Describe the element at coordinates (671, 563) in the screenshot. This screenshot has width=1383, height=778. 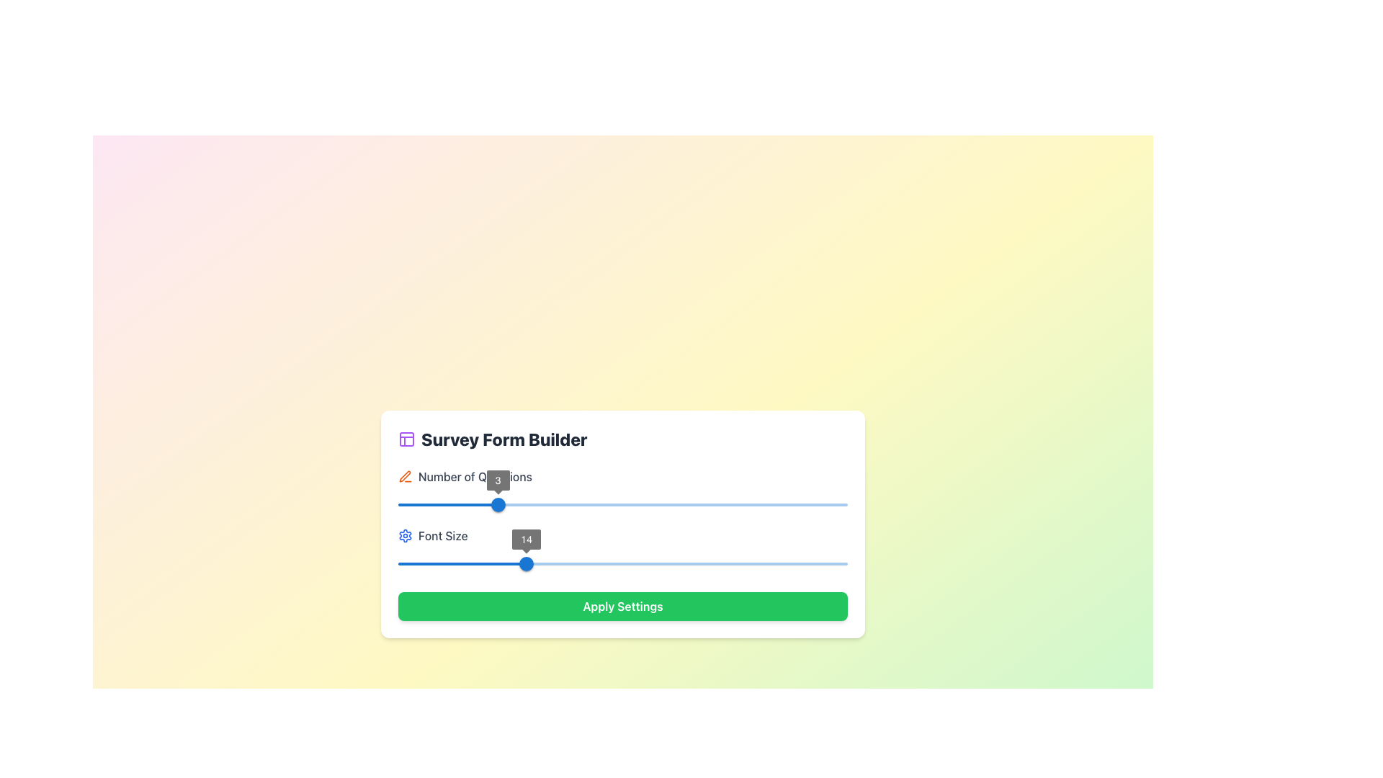
I see `the slider value` at that location.